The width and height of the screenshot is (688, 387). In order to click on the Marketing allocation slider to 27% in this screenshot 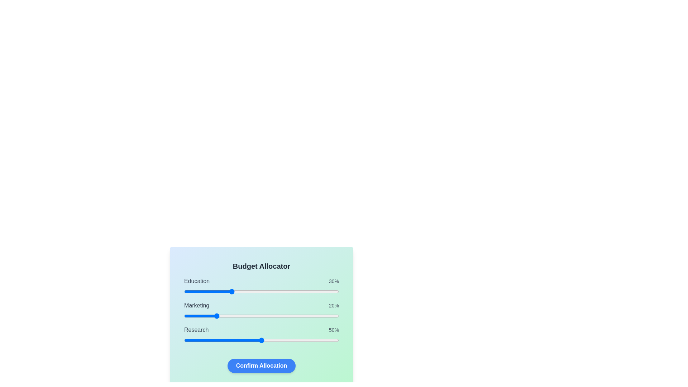, I will do `click(225, 316)`.